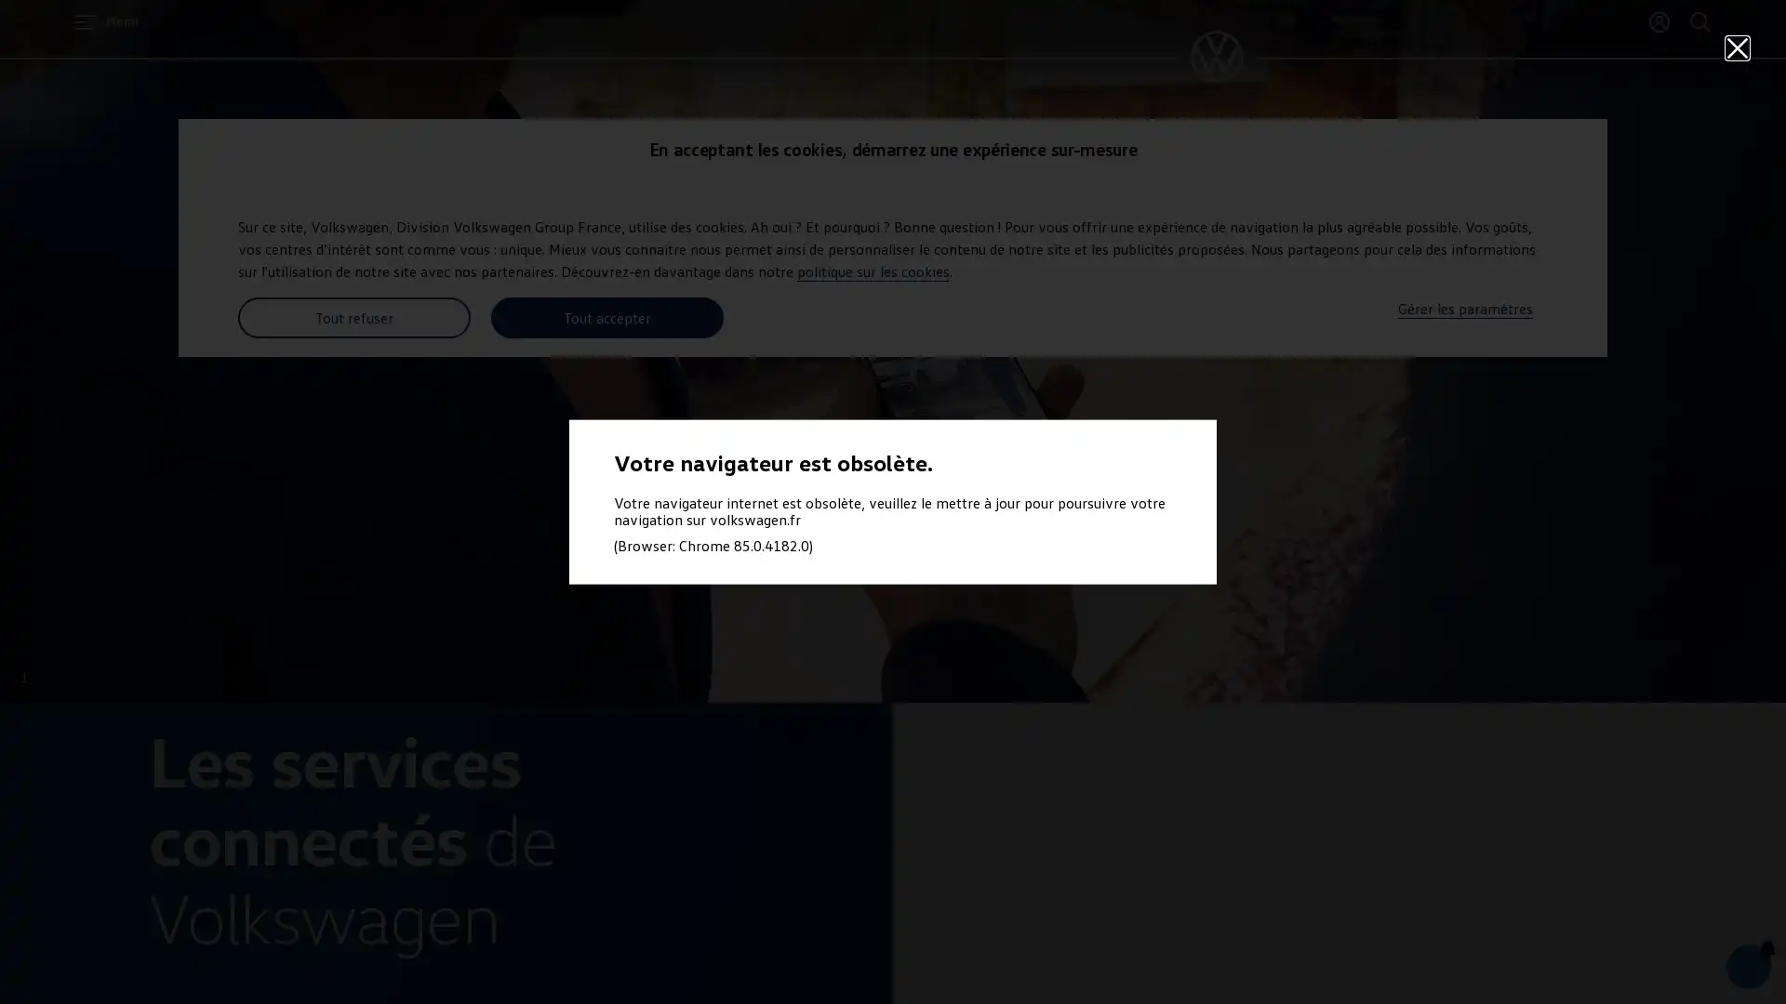 This screenshot has height=1004, width=1786. What do you see at coordinates (606, 317) in the screenshot?
I see `Tout accepter` at bounding box center [606, 317].